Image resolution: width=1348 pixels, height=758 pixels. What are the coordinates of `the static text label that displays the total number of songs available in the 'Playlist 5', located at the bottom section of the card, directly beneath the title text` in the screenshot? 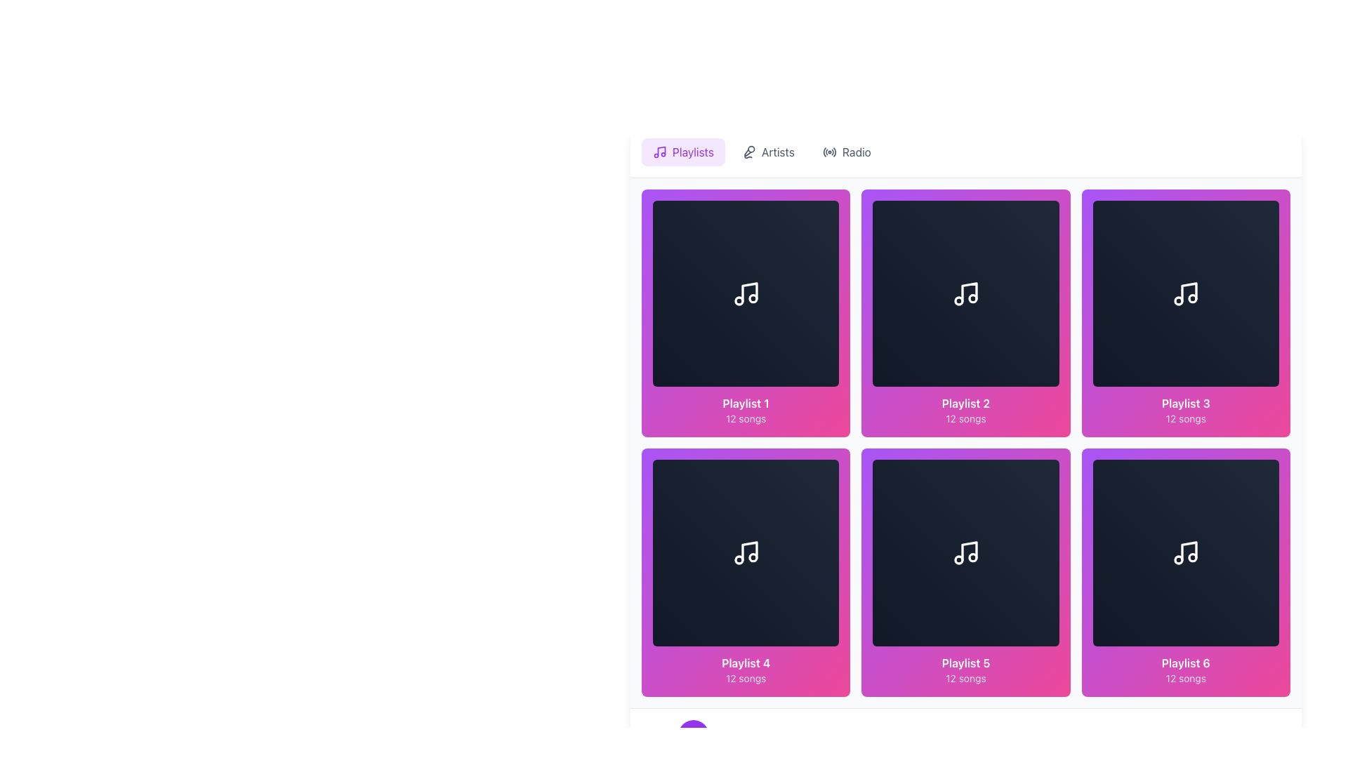 It's located at (965, 677).